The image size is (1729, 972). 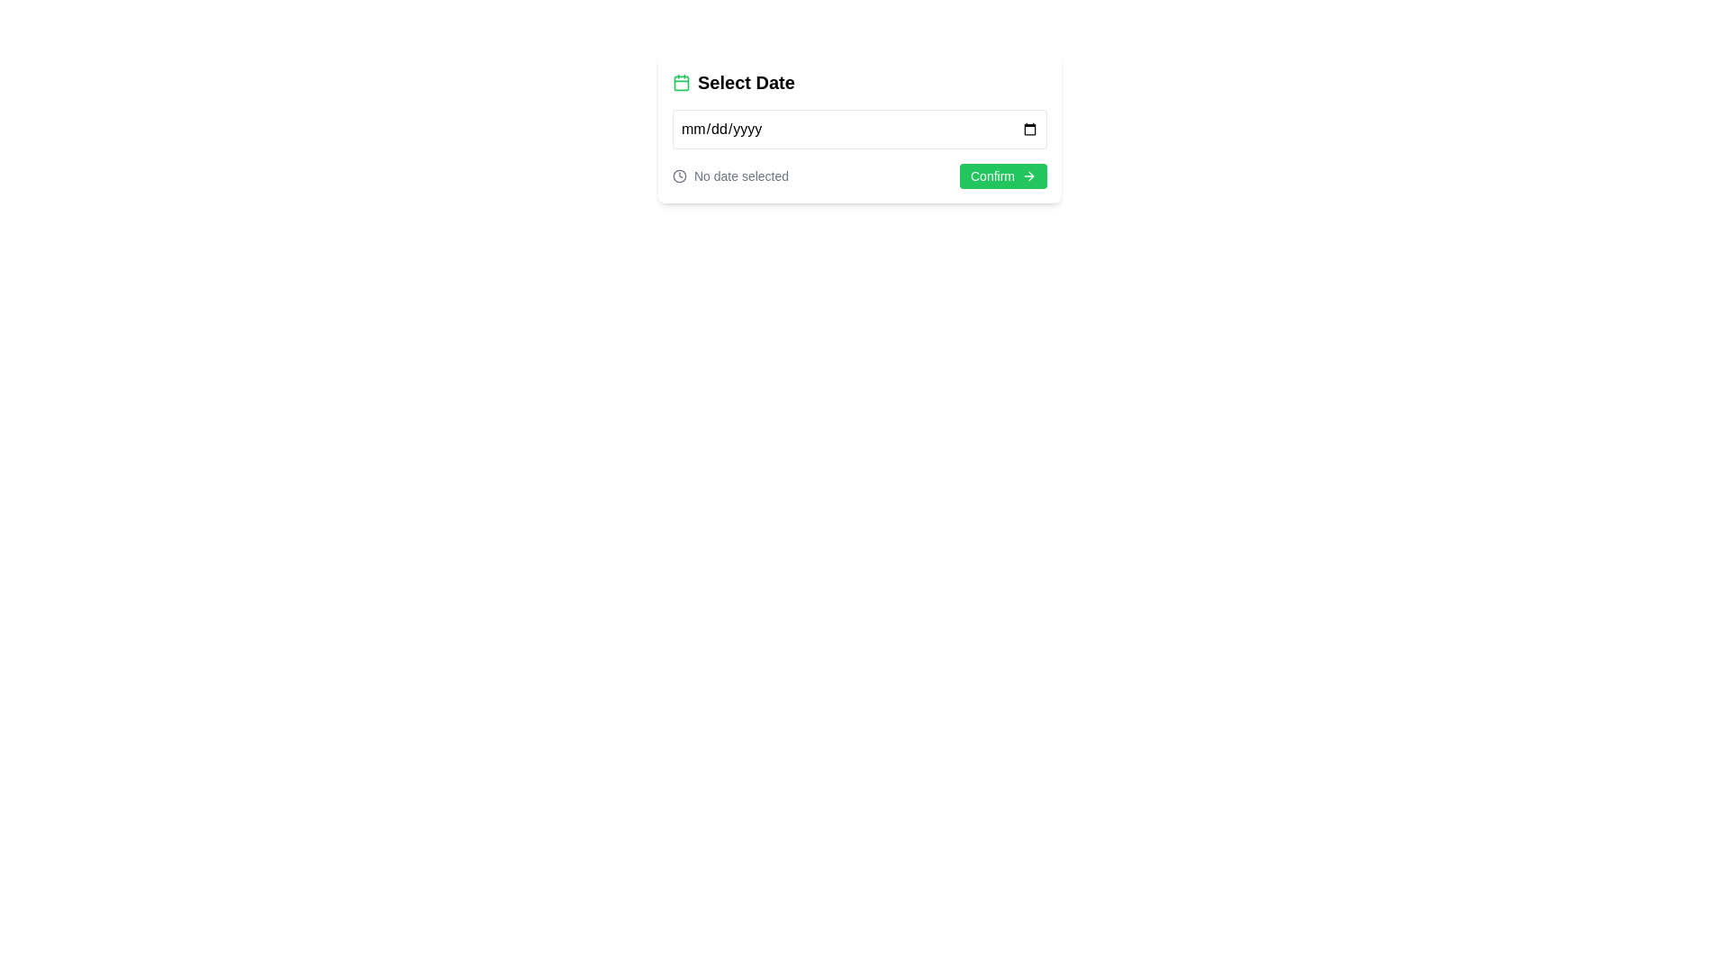 I want to click on the confirm button located to the right of the text 'No date selected', so click(x=1002, y=176).